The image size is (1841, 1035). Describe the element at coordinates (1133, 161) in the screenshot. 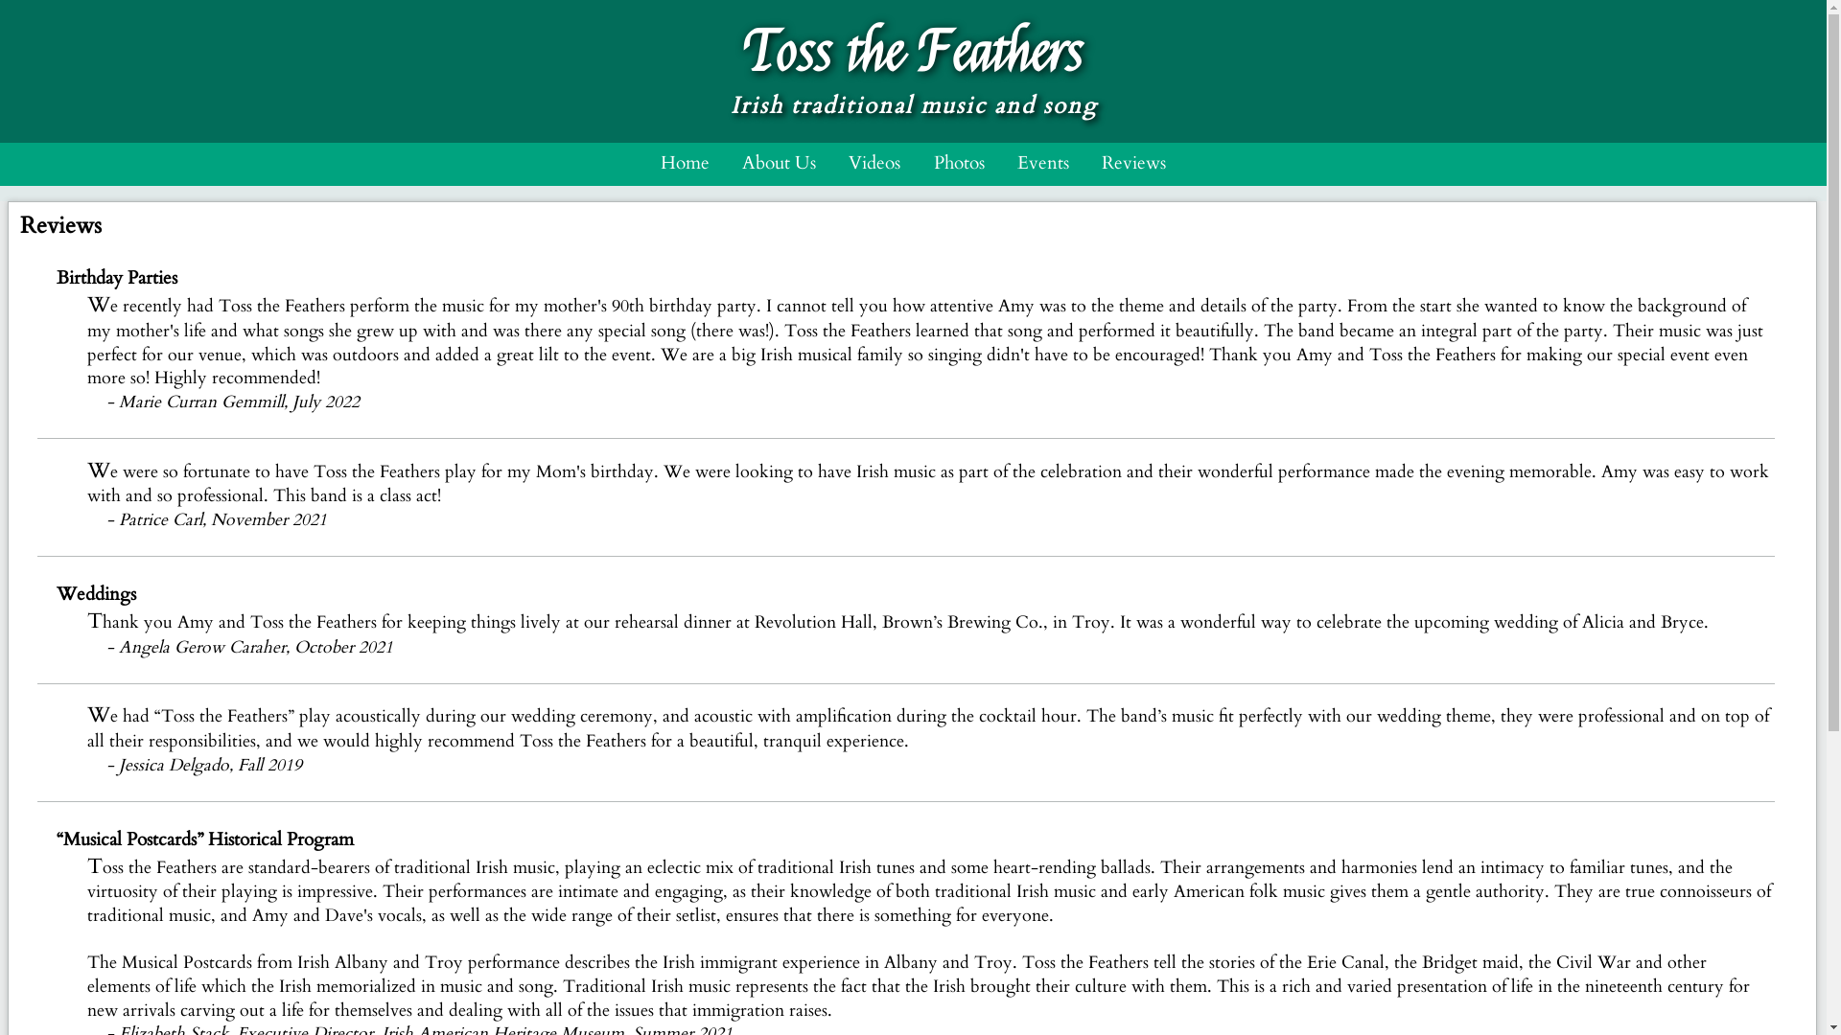

I see `'Reviews'` at that location.